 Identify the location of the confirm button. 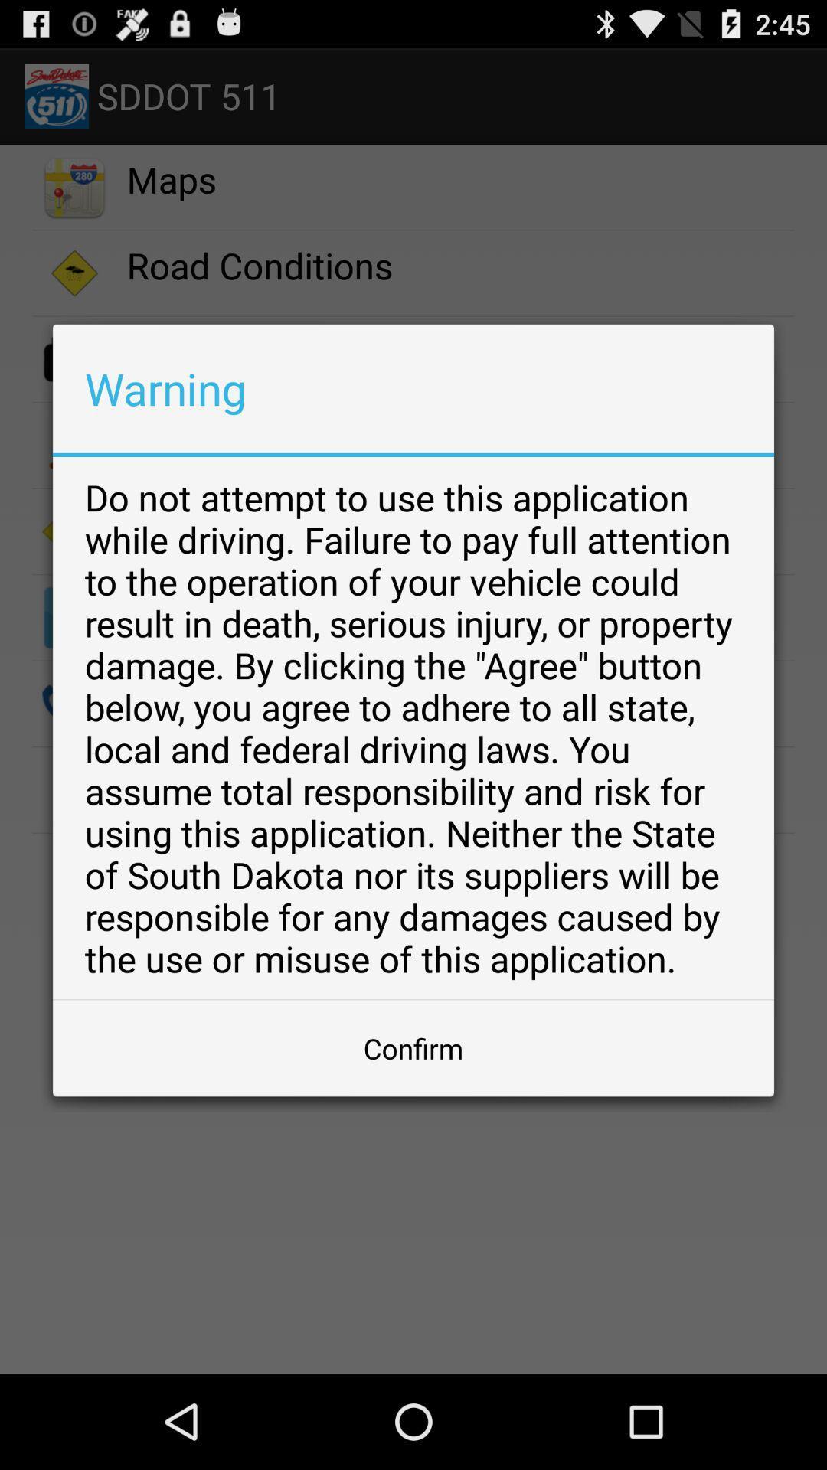
(413, 1047).